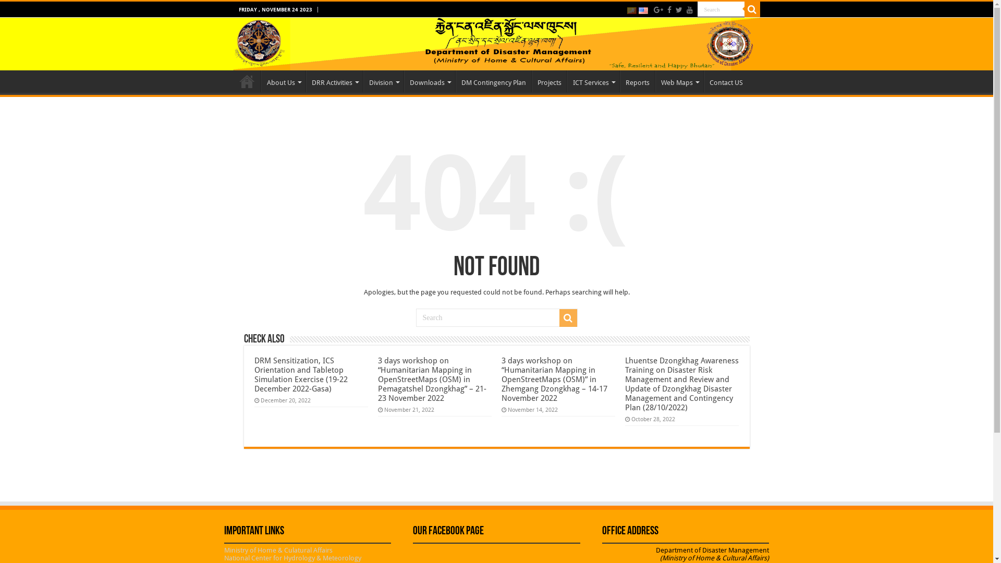 The width and height of the screenshot is (1001, 563). What do you see at coordinates (657, 10) in the screenshot?
I see `'Google+'` at bounding box center [657, 10].